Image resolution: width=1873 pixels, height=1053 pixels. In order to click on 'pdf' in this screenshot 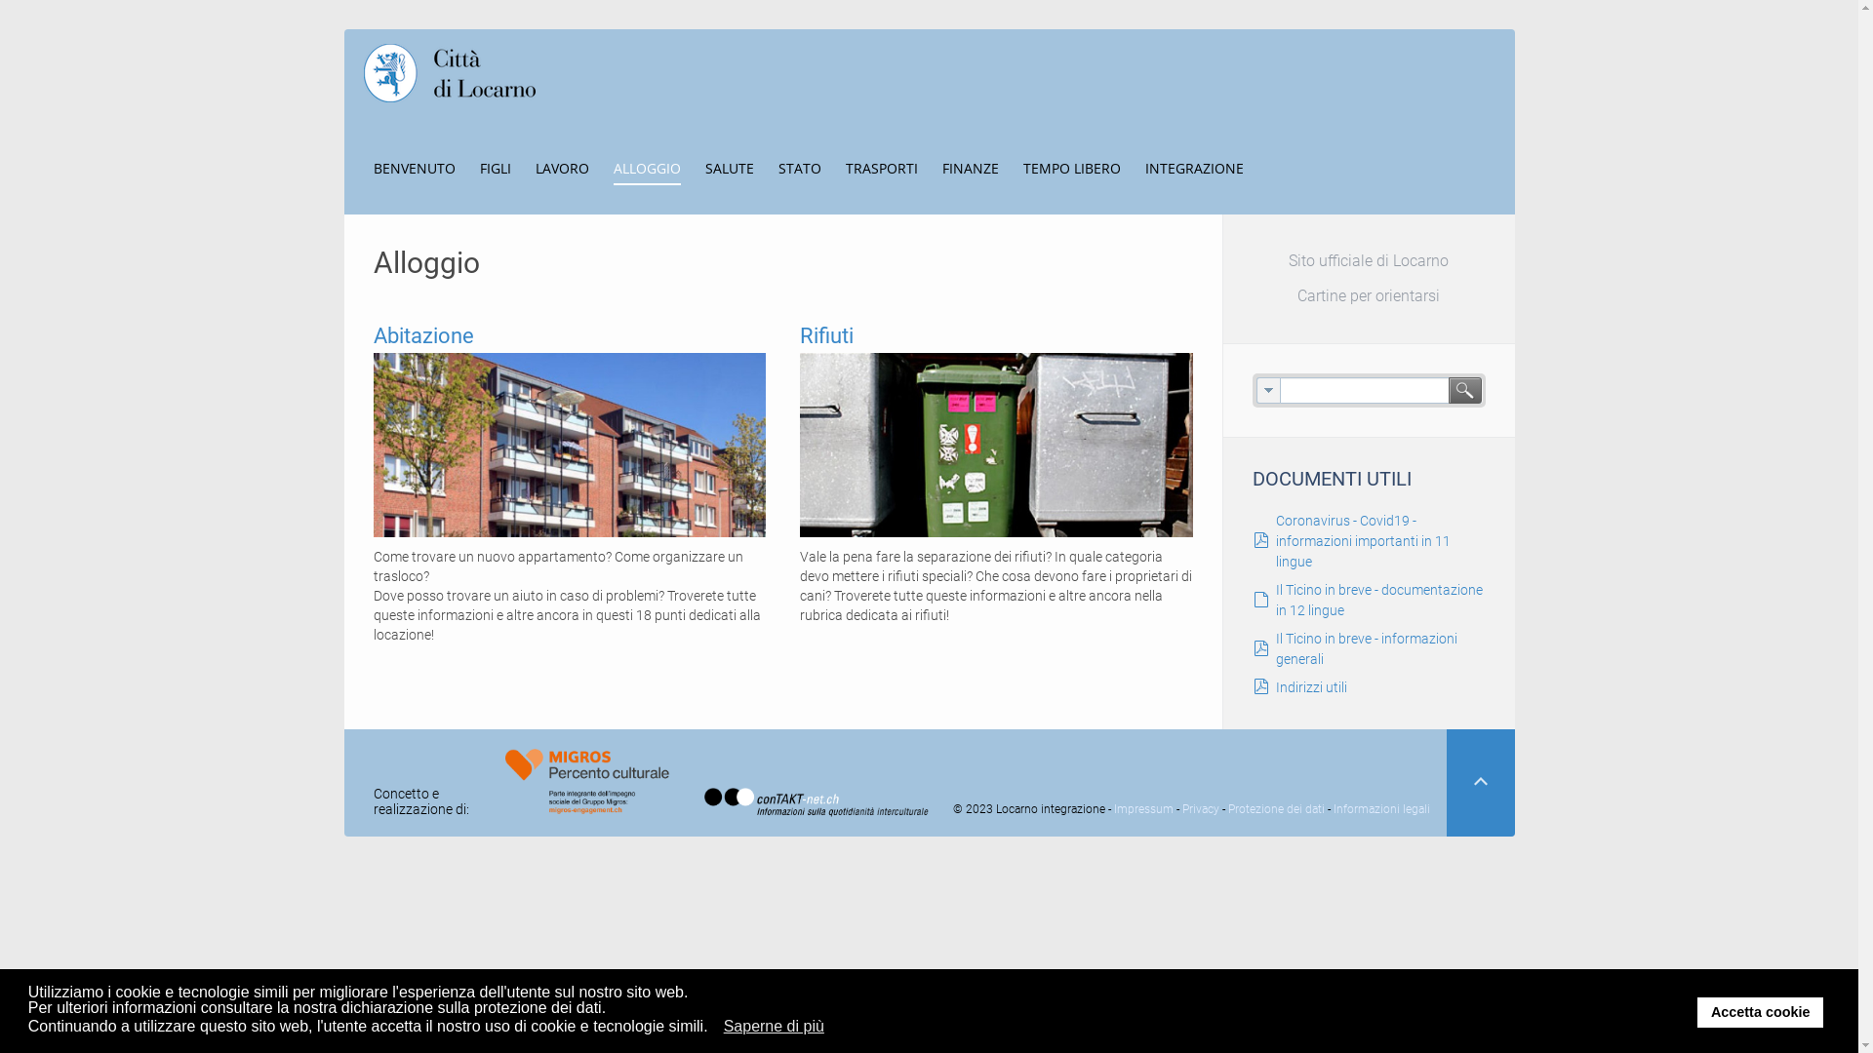, I will do `click(1259, 649)`.